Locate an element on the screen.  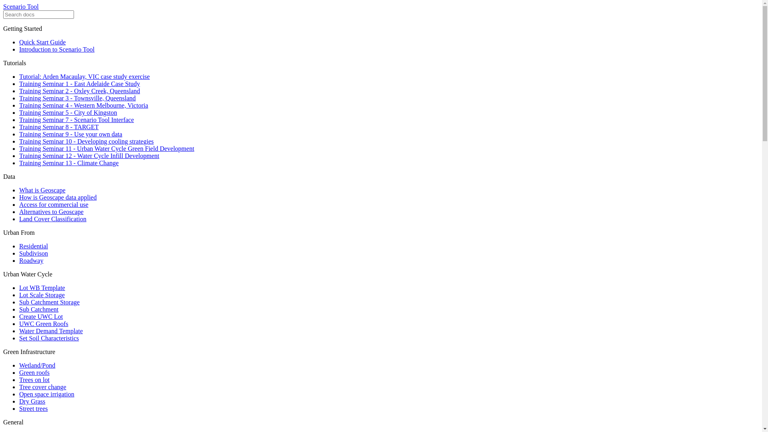
'Training Seminar 2 - Oxley Creek, Queensland' is located at coordinates (79, 90).